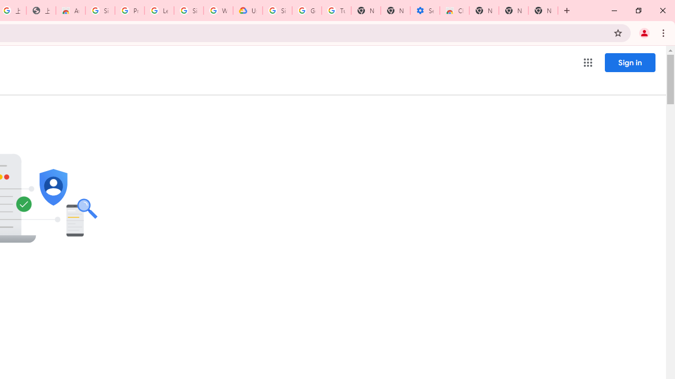 The height and width of the screenshot is (379, 675). I want to click on 'Settings - Accessibility', so click(425, 11).